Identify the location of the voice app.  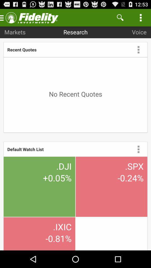
(139, 32).